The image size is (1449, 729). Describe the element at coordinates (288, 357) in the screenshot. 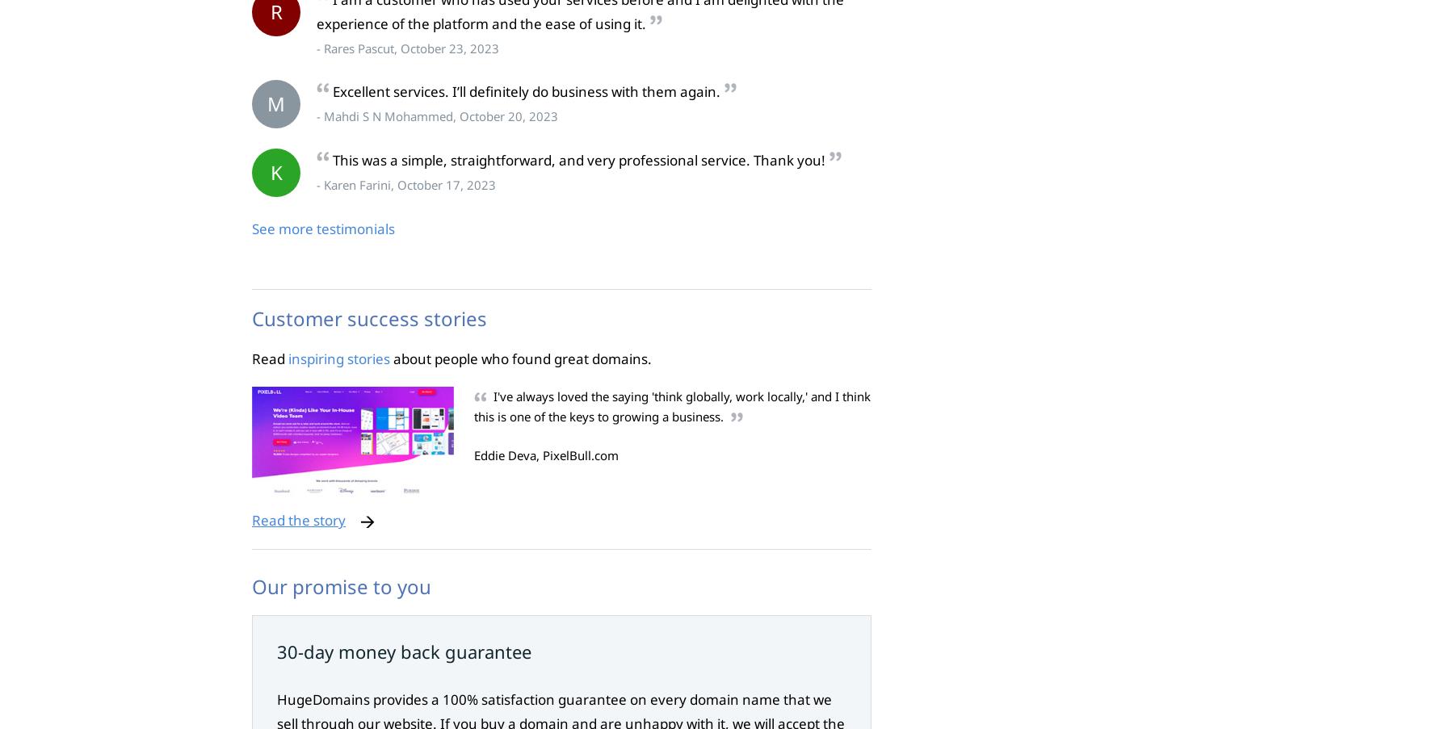

I see `'inspiring stories'` at that location.